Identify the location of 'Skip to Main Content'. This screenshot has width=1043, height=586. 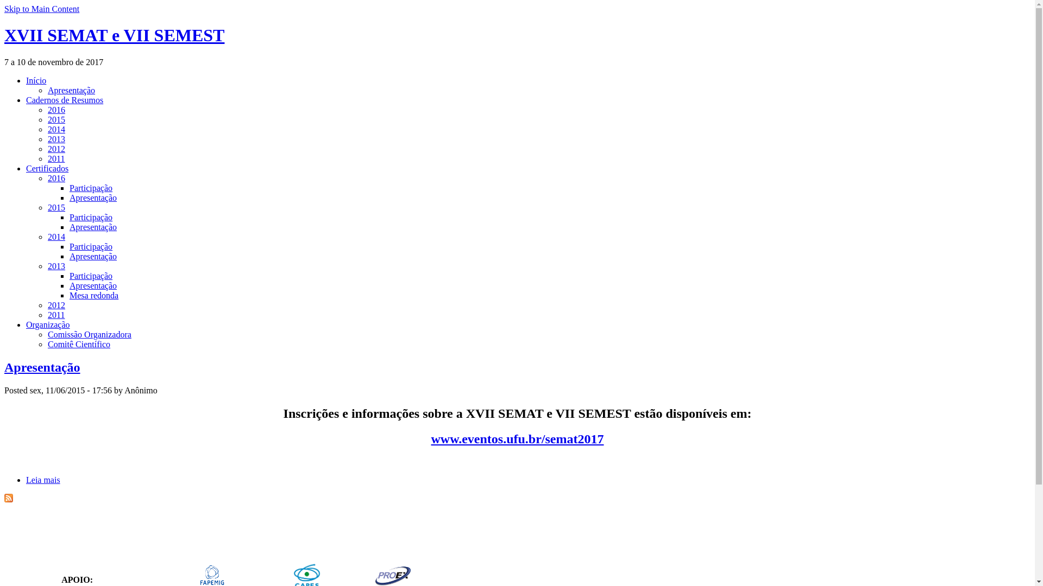
(41, 9).